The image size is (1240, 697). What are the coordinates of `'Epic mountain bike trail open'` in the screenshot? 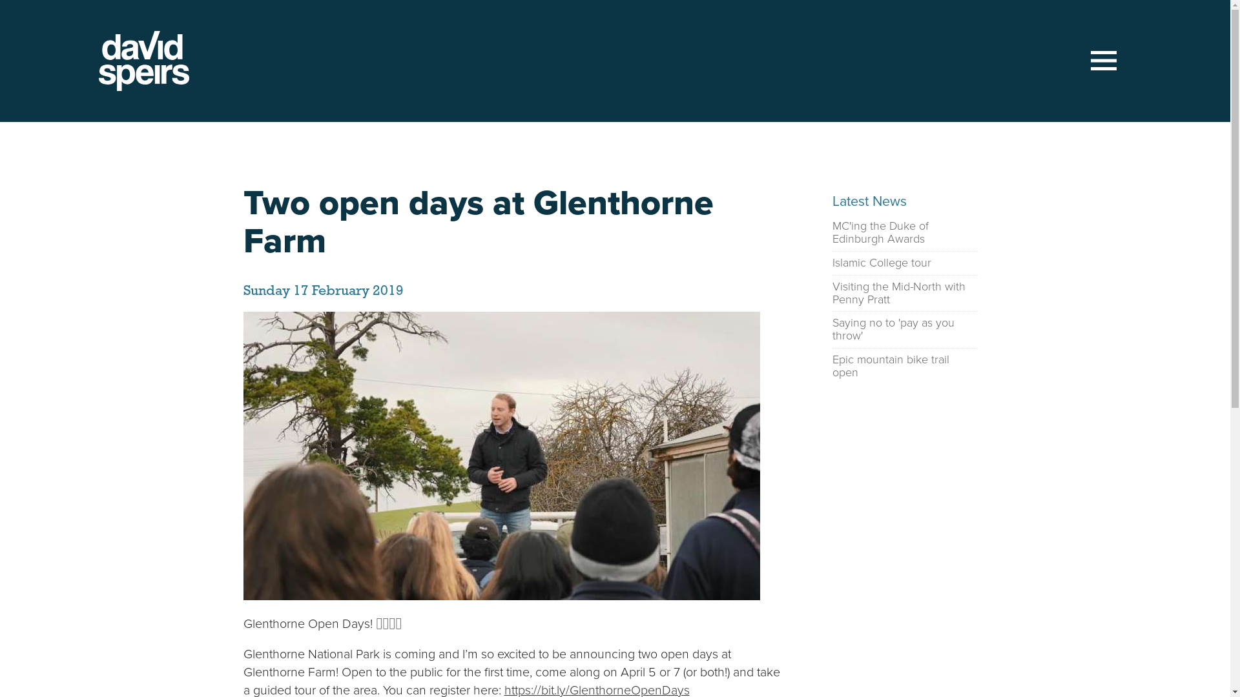 It's located at (904, 366).